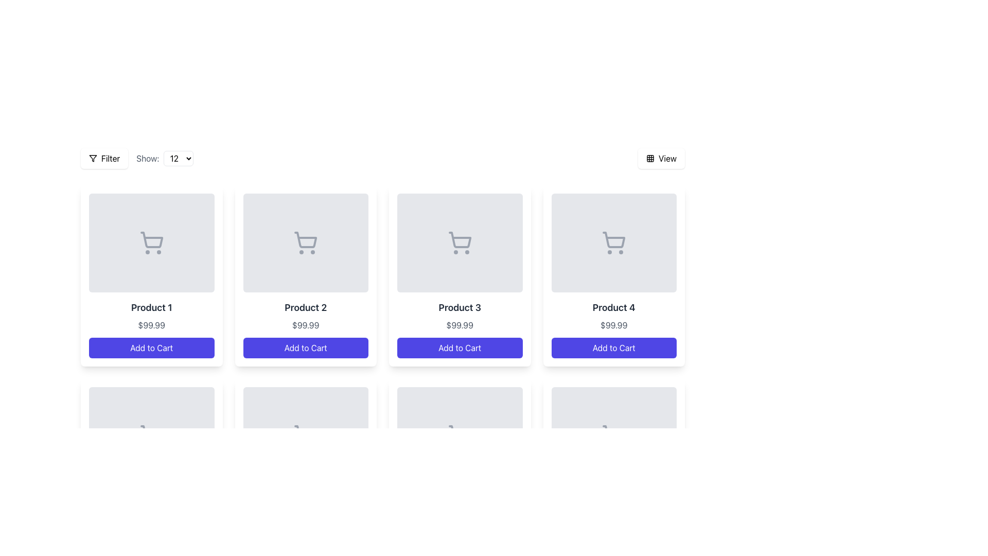 This screenshot has height=556, width=988. I want to click on text displayed in the price element showing '$99.99' located in the fourth product card, positioned below 'Product 4' and above 'Add to Cart', so click(614, 325).